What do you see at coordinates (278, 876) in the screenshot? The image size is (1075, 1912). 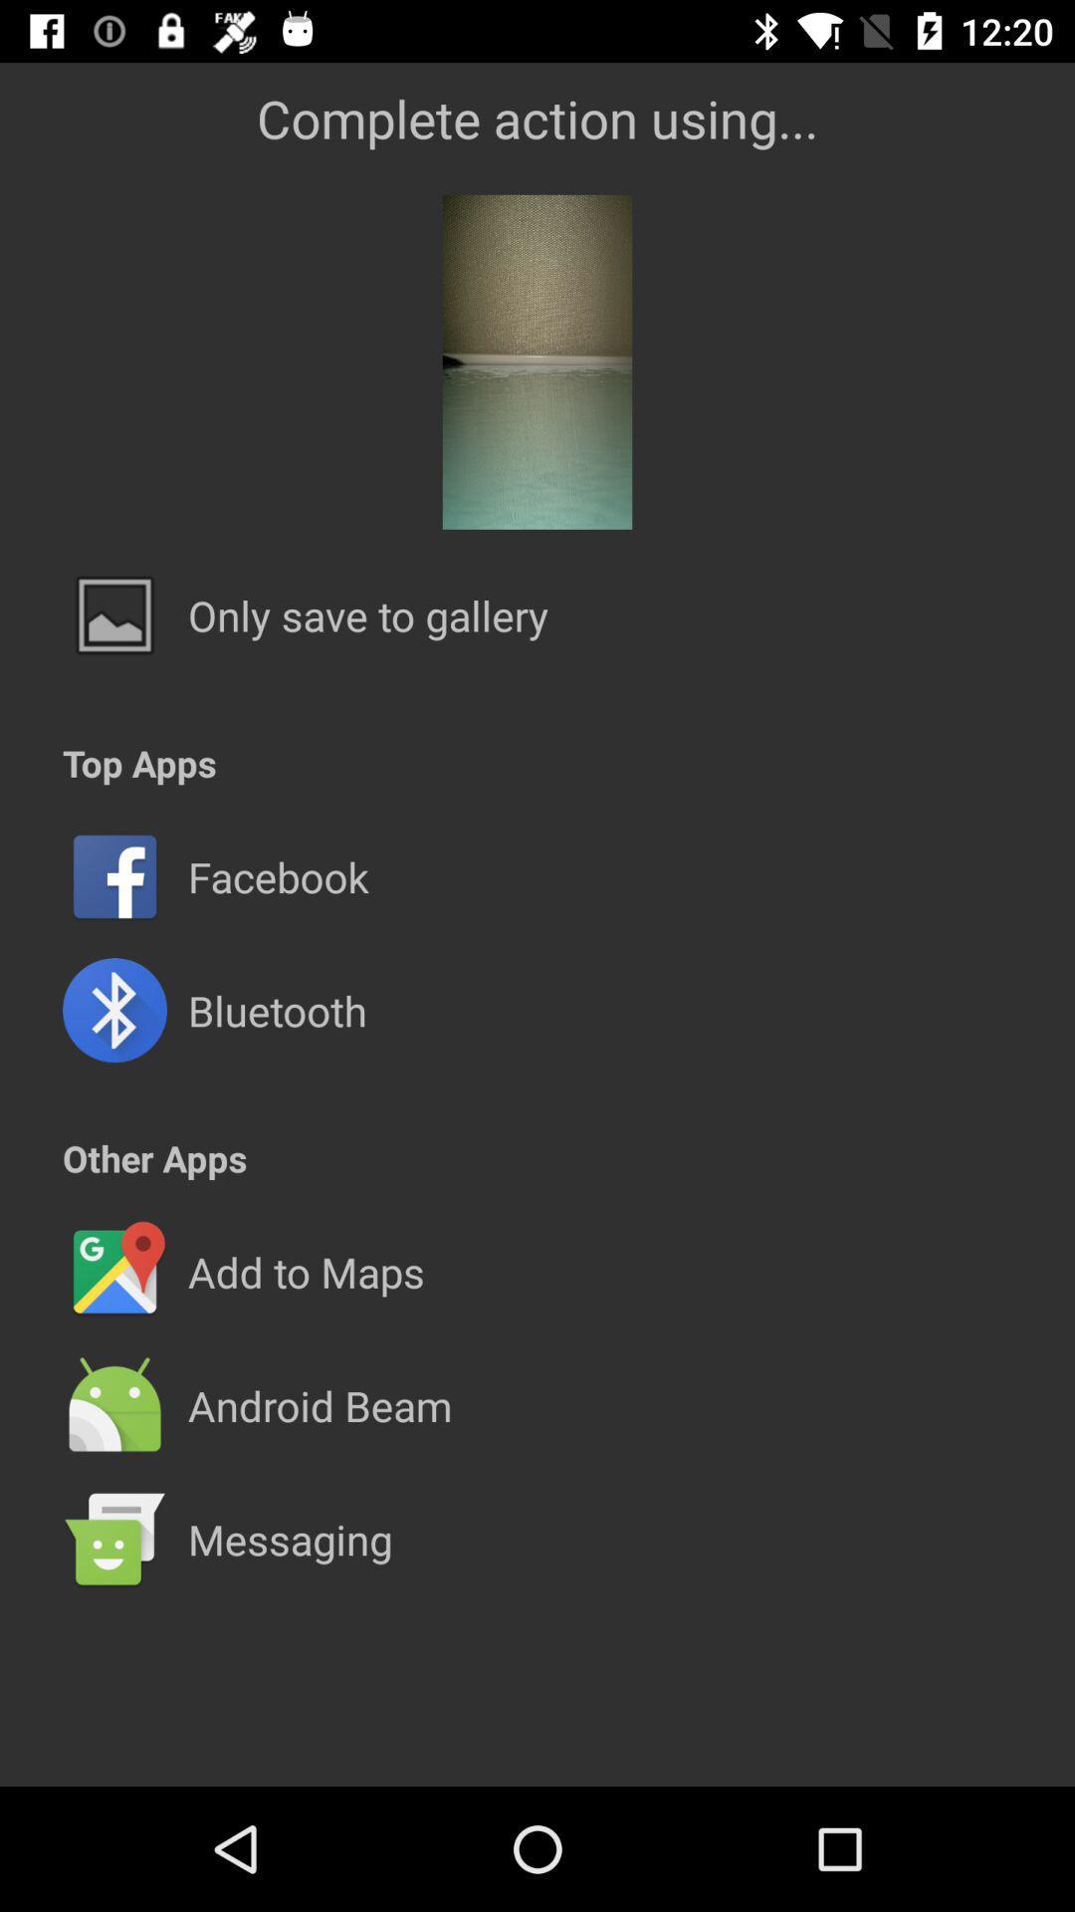 I see `facebook app` at bounding box center [278, 876].